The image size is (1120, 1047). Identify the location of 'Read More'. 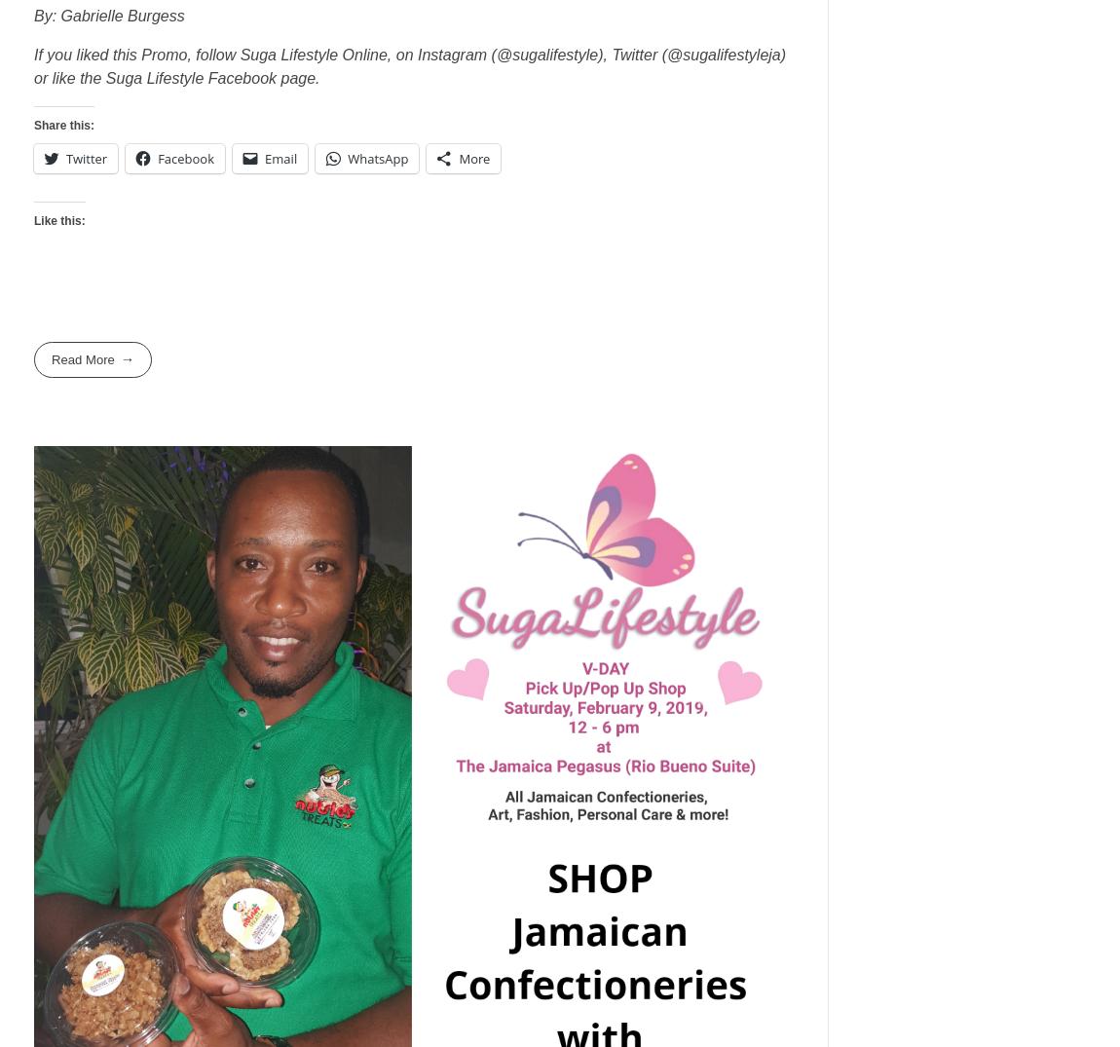
(51, 359).